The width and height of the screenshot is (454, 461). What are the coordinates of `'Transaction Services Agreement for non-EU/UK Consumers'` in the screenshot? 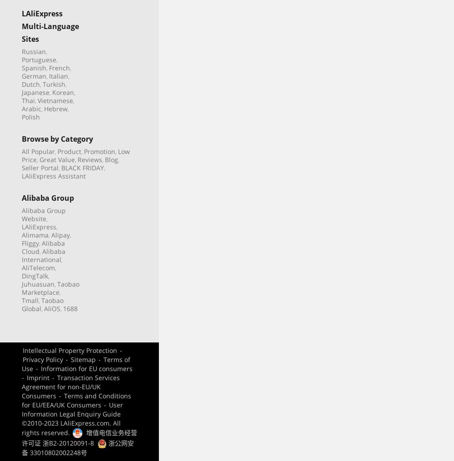 It's located at (22, 386).